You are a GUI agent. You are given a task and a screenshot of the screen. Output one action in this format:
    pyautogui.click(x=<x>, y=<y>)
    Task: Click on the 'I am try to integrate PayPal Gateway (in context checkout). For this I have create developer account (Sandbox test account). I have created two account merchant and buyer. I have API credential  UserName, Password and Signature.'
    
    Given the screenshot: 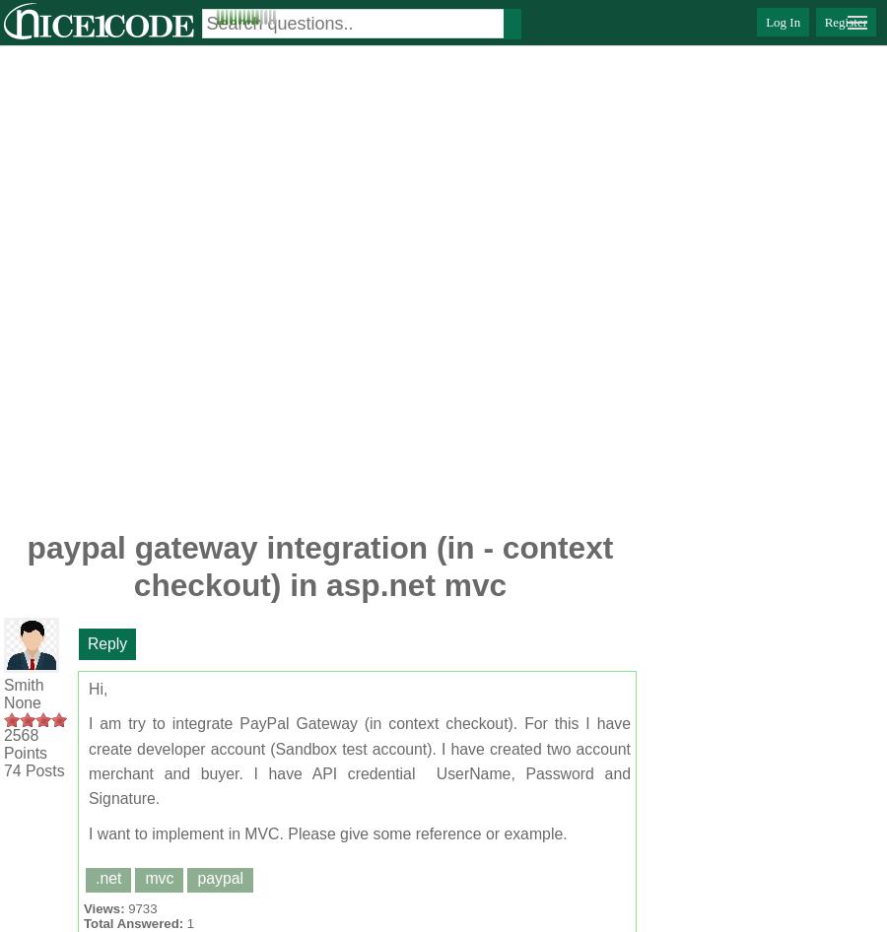 What is the action you would take?
    pyautogui.click(x=360, y=760)
    